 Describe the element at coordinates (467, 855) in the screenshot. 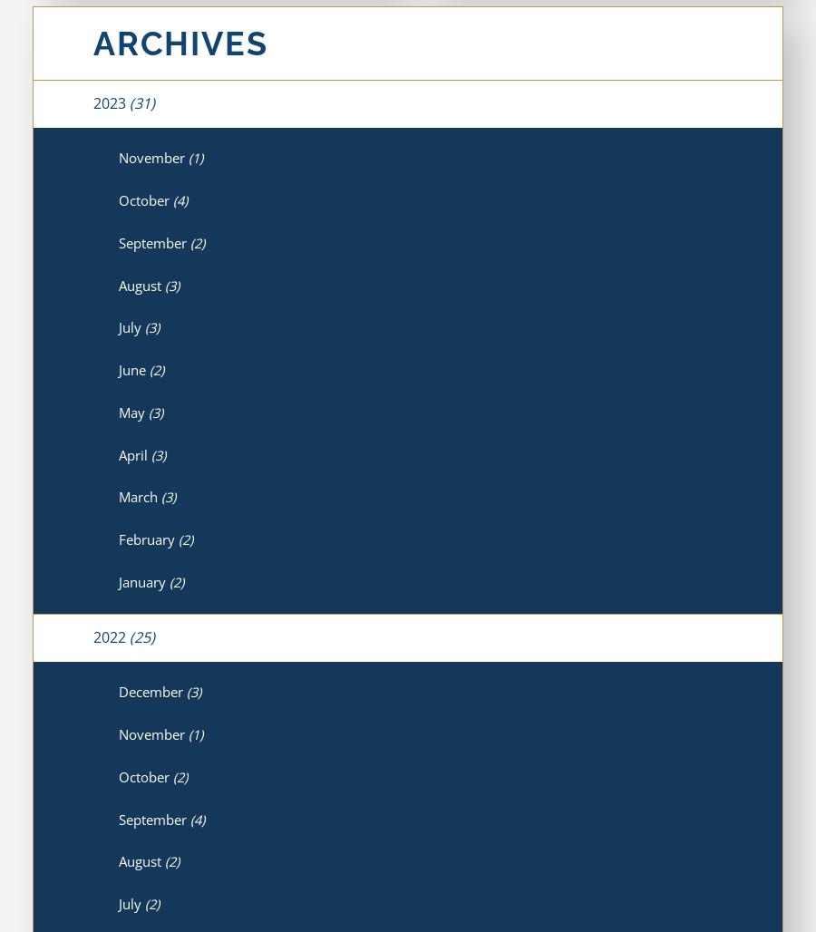

I see `'Follow Us'` at that location.